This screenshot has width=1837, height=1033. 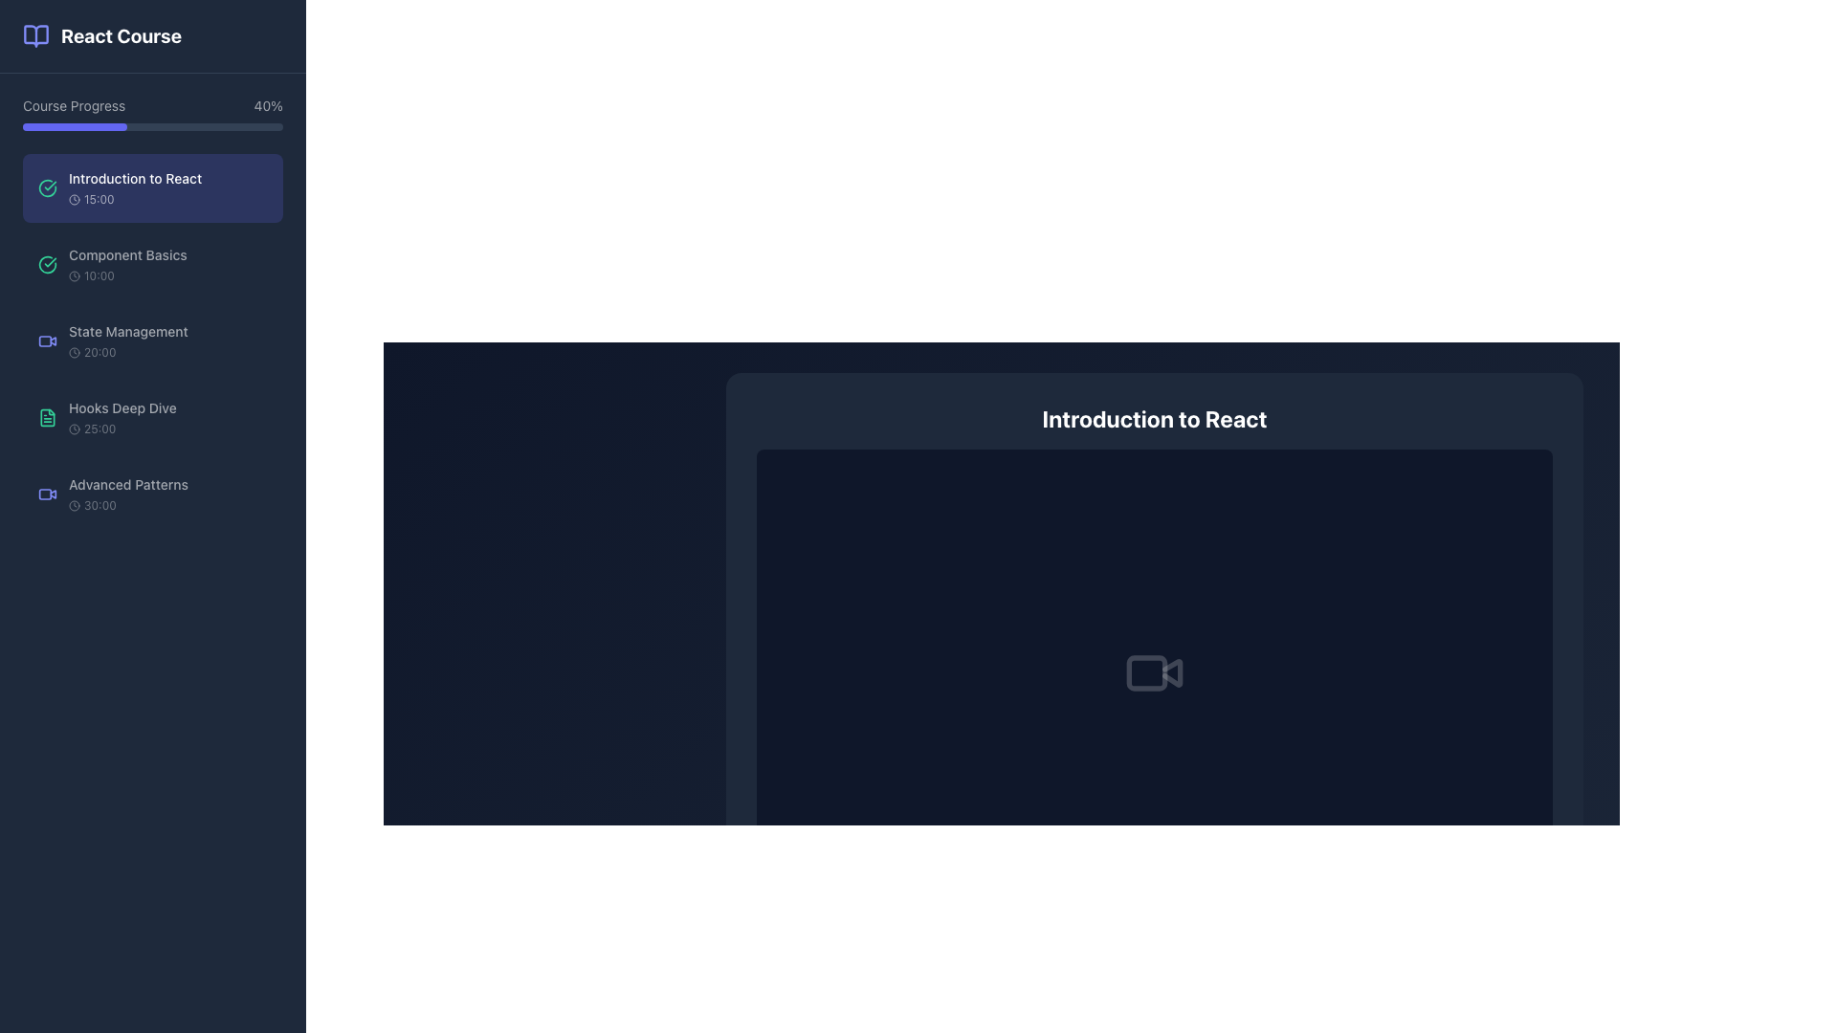 What do you see at coordinates (47, 265) in the screenshot?
I see `the status indication of the completion icon located in the sidebar, which is positioned to the left of 'Component Basics' and above '10:00'` at bounding box center [47, 265].